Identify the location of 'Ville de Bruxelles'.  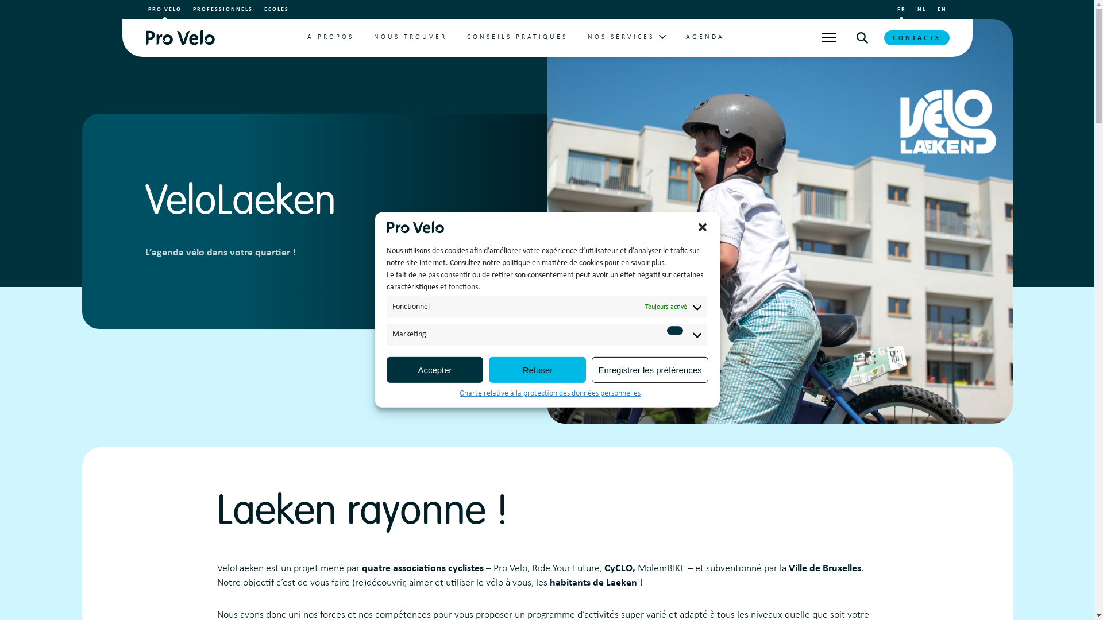
(824, 568).